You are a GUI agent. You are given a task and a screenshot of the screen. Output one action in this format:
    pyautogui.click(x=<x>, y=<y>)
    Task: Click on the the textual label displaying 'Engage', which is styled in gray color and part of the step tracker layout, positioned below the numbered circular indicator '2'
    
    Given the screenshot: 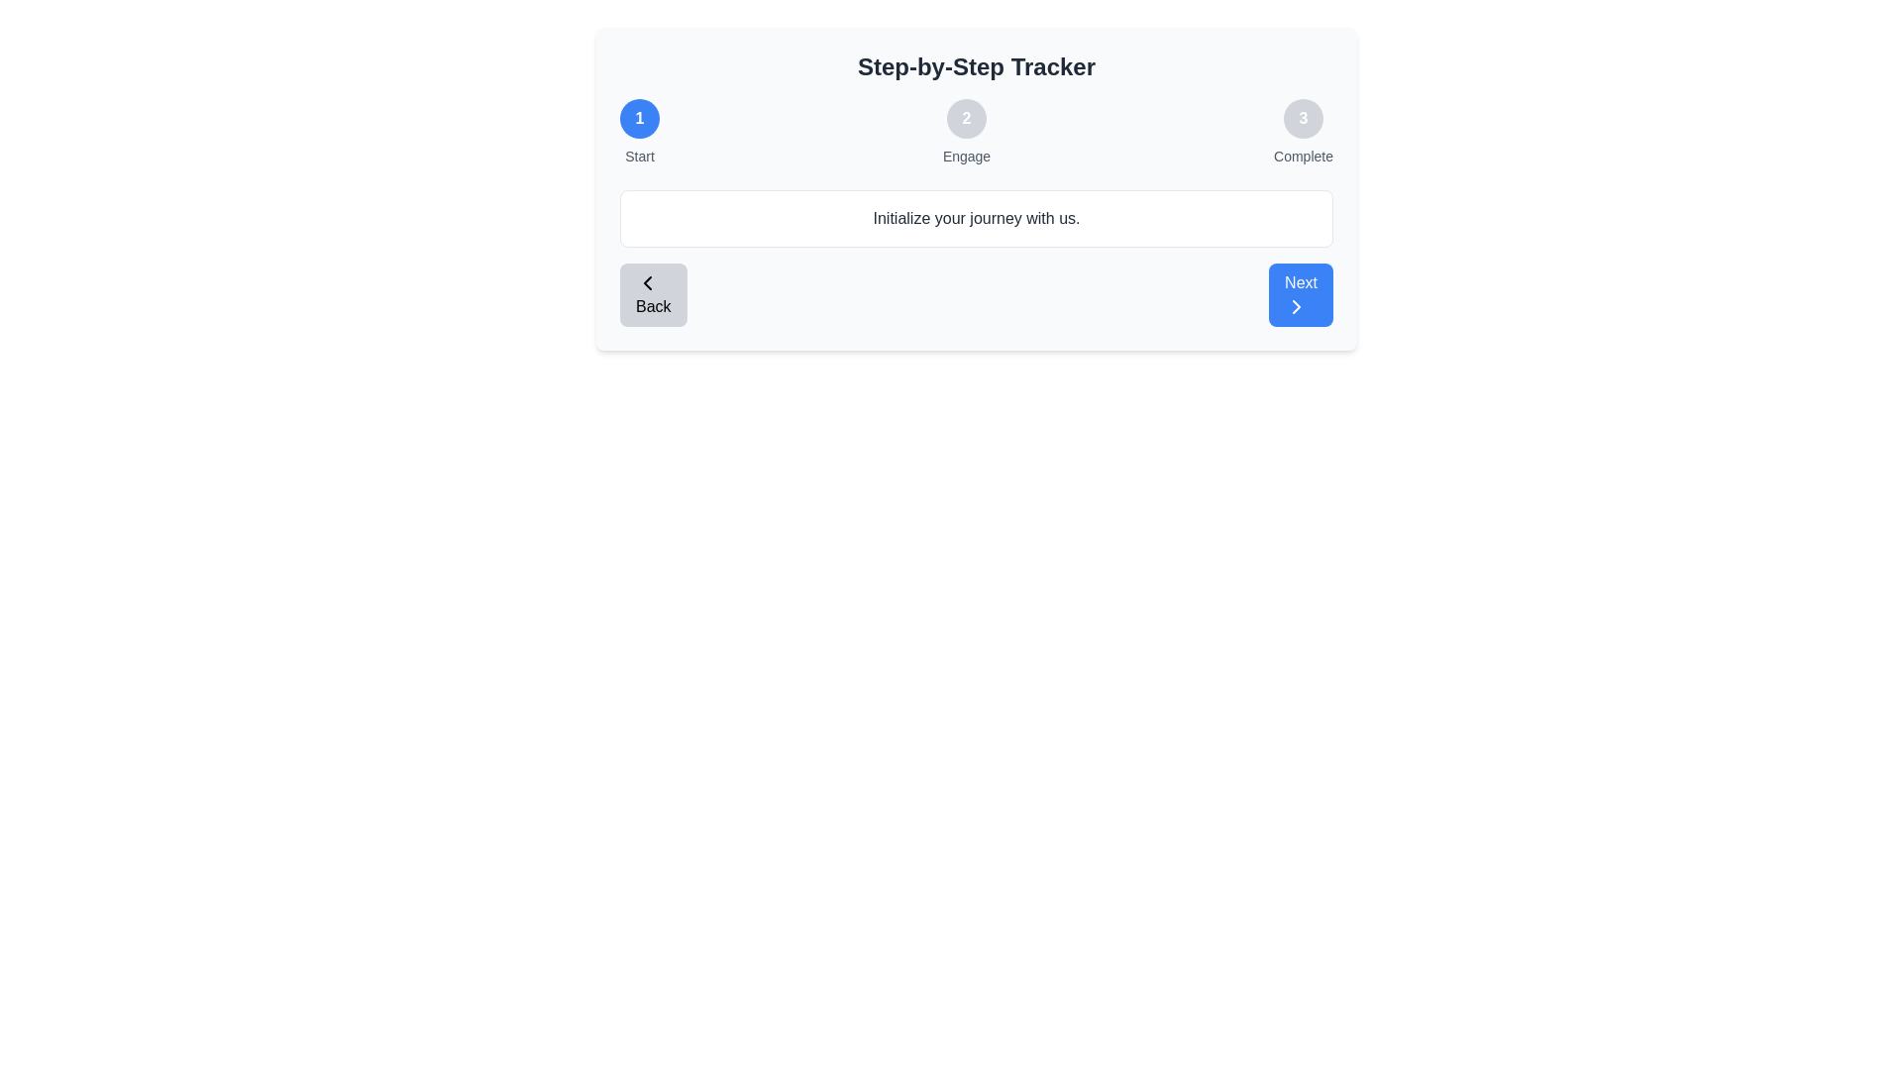 What is the action you would take?
    pyautogui.click(x=966, y=156)
    